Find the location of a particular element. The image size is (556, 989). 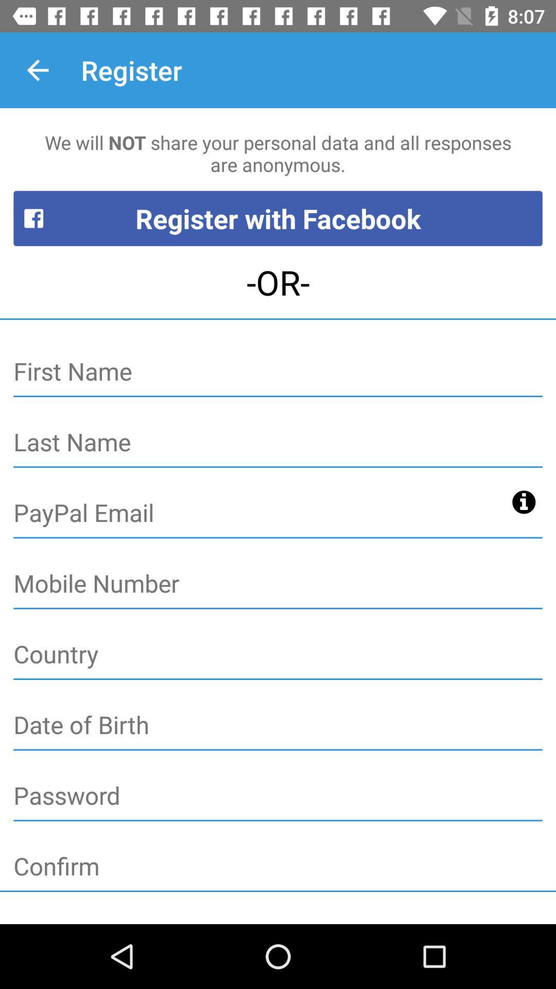

confirm password is located at coordinates (278, 866).